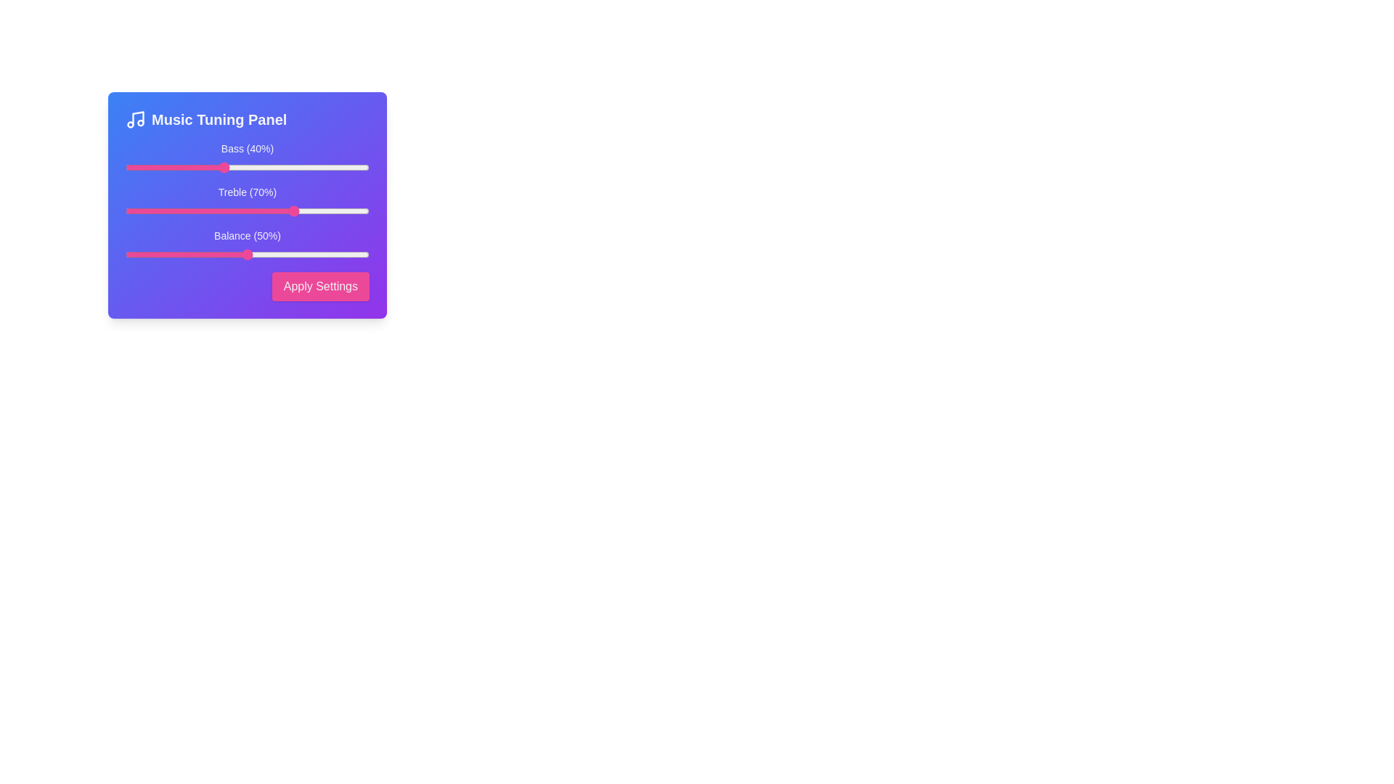  Describe the element at coordinates (337, 254) in the screenshot. I see `the balance slider to 87%` at that location.